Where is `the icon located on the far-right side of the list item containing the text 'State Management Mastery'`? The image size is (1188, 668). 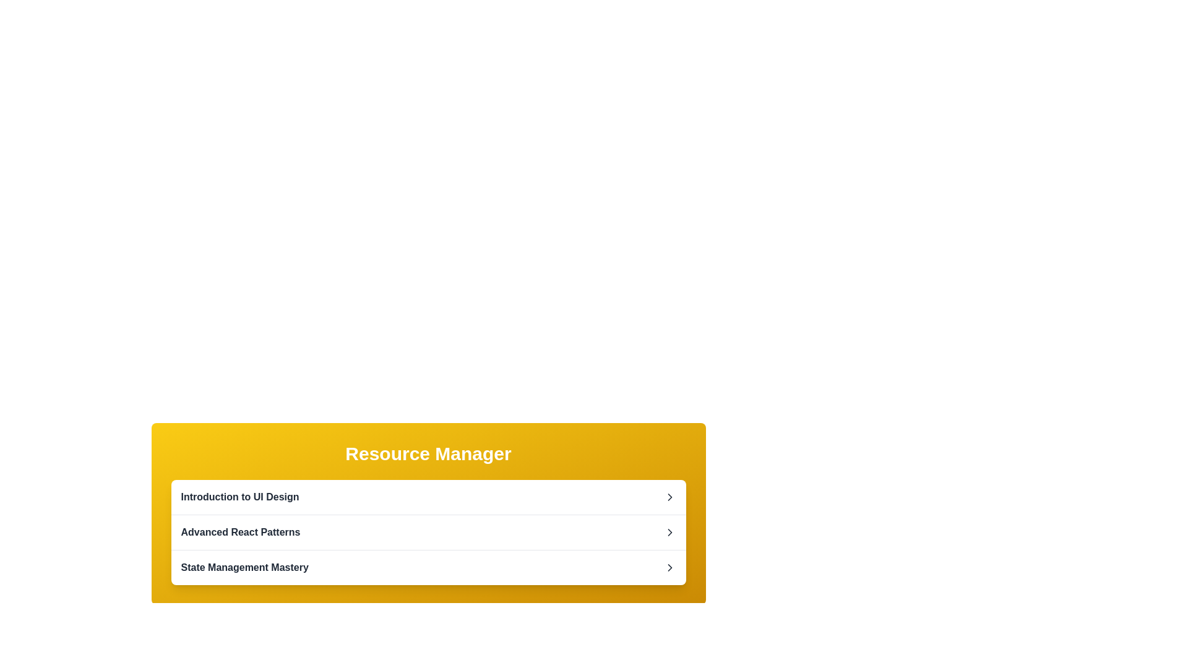
the icon located on the far-right side of the list item containing the text 'State Management Mastery' is located at coordinates (669, 568).